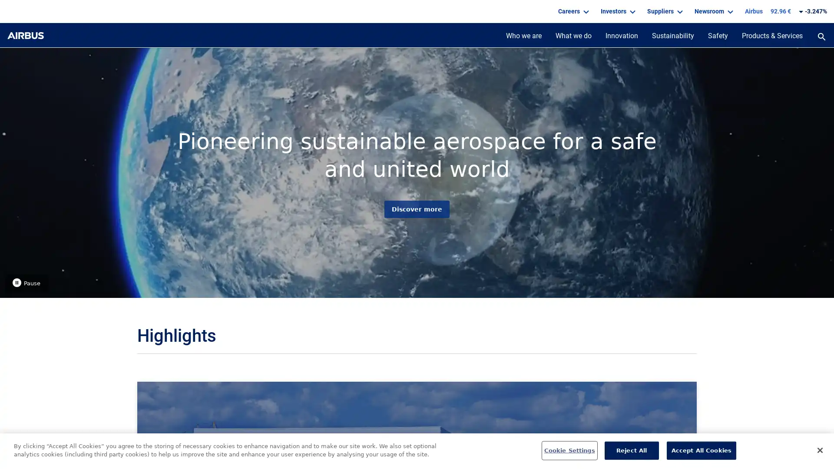  I want to click on Investors, so click(616, 11).